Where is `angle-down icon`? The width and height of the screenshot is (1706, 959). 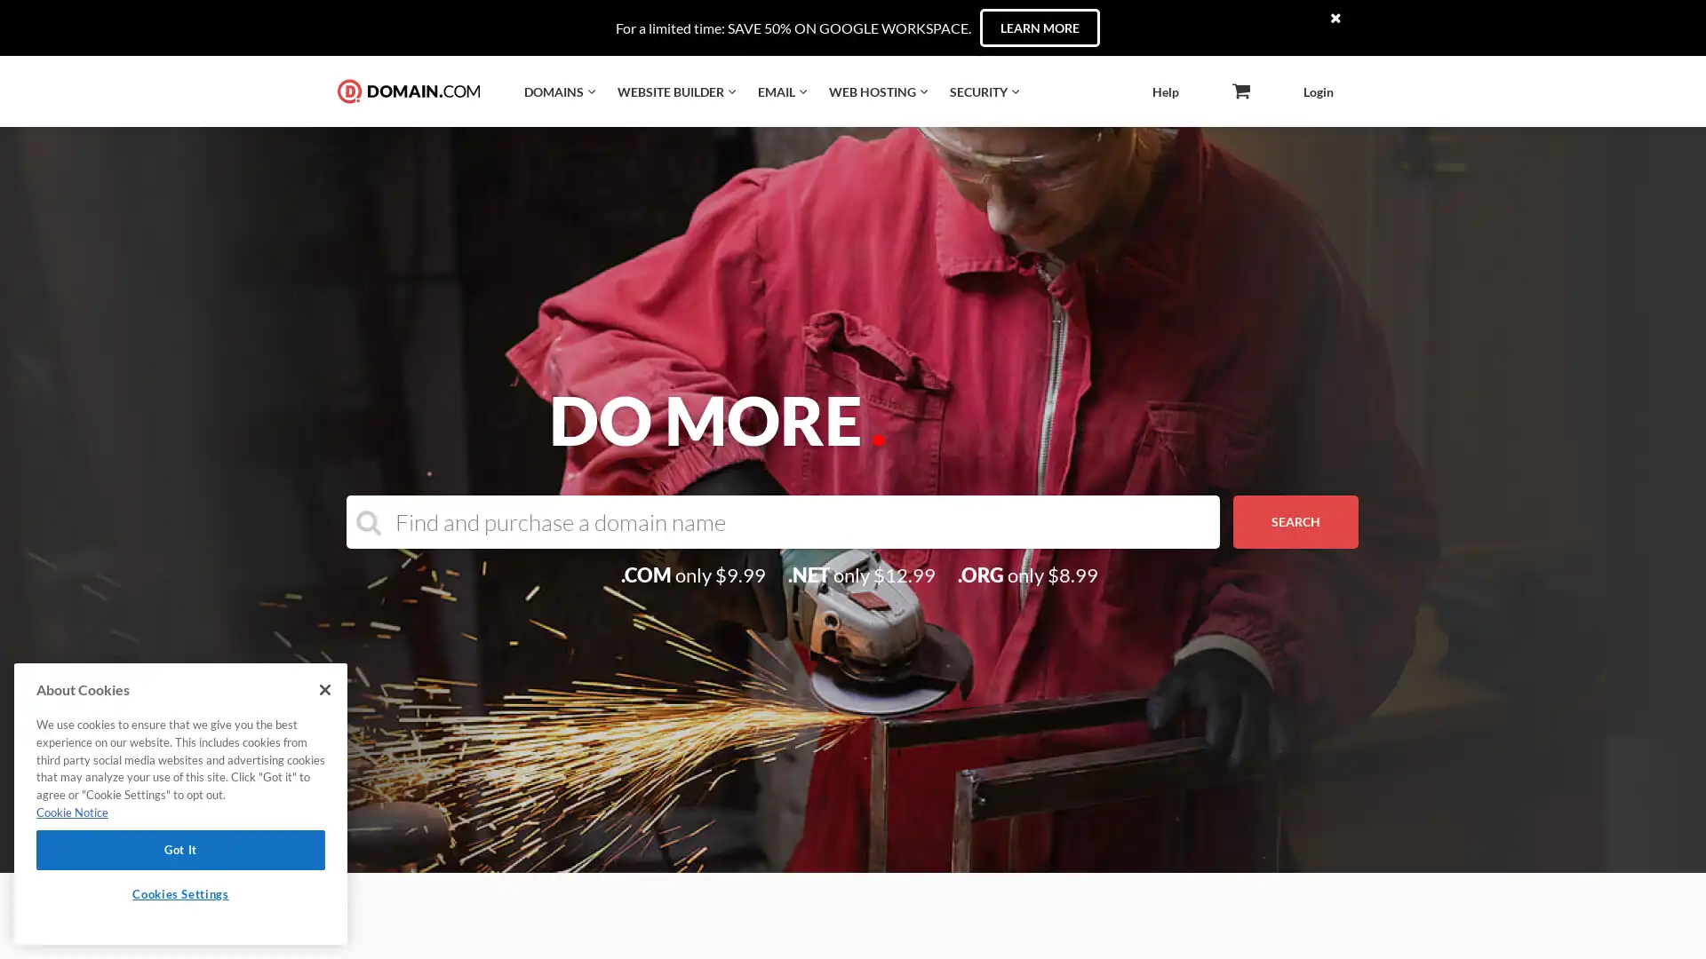 angle-down icon is located at coordinates (1240, 91).